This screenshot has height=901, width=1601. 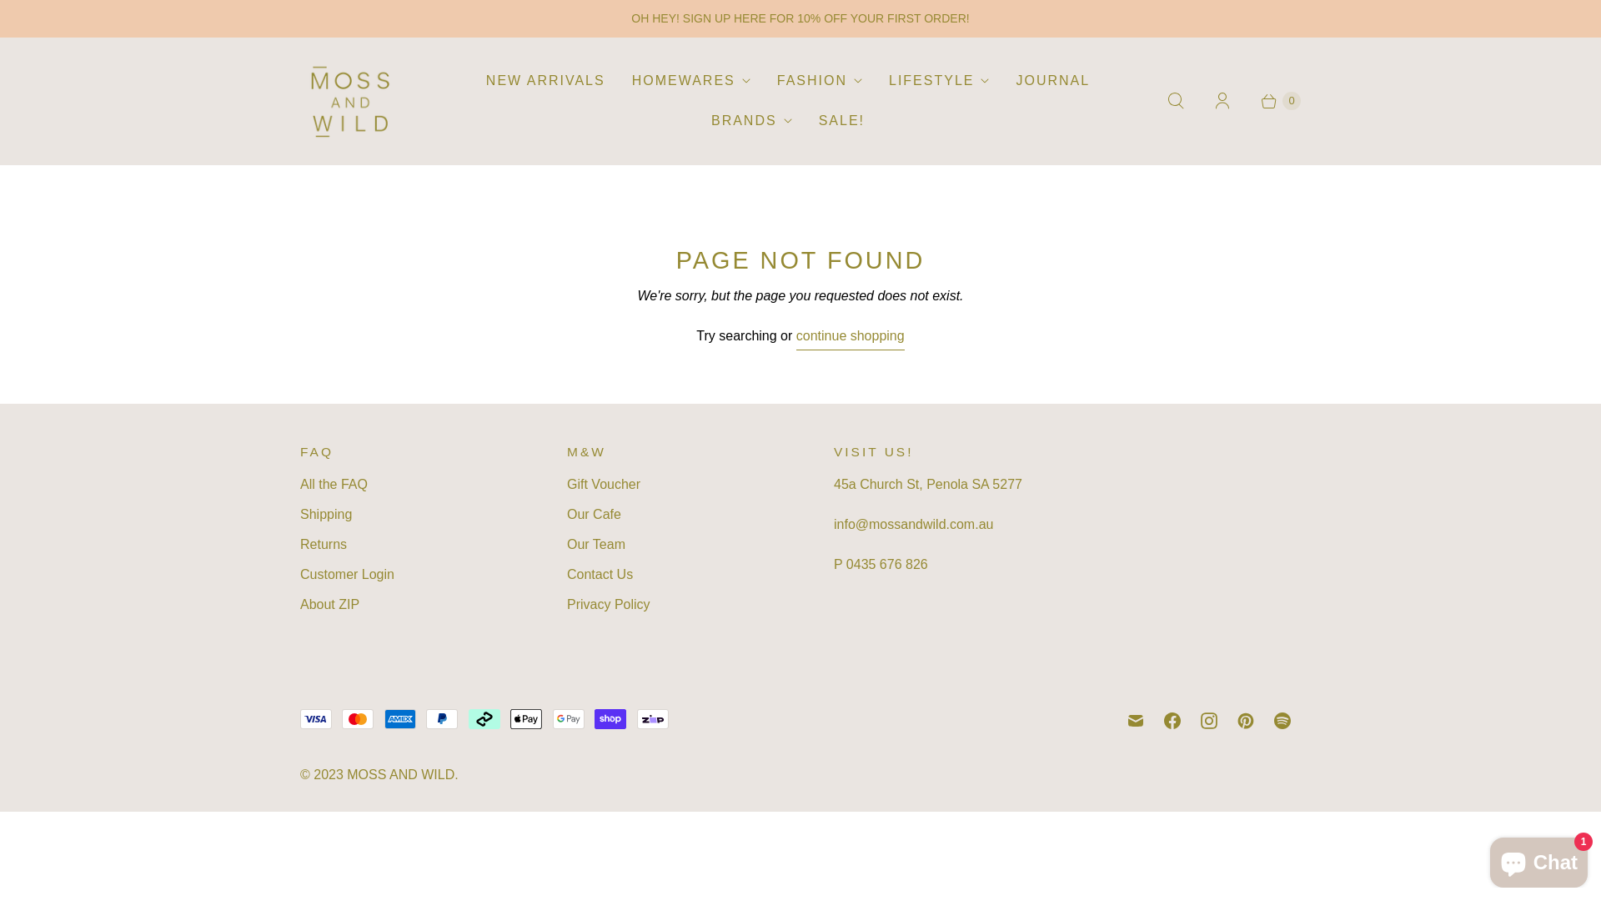 I want to click on 'MOSS AND WILD', so click(x=400, y=774).